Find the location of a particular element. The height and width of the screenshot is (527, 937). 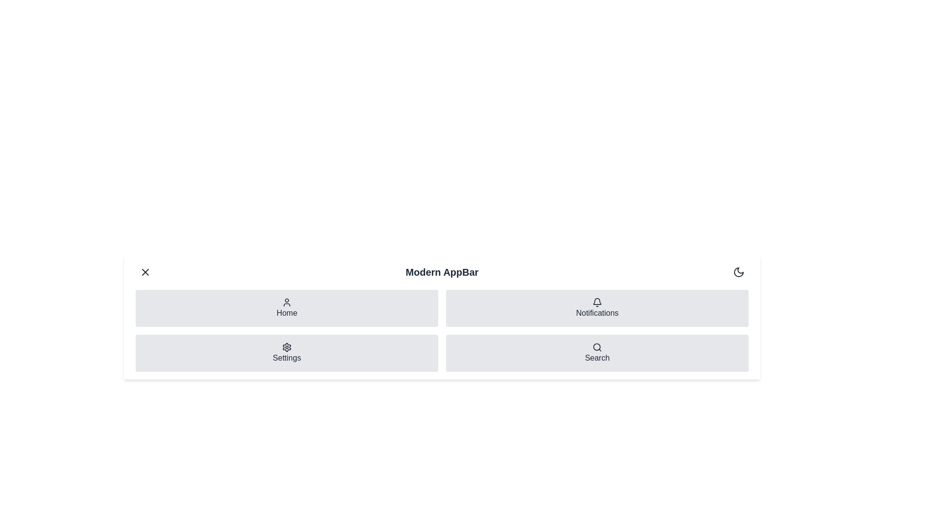

the toggle button to change the menu state is located at coordinates (144, 272).